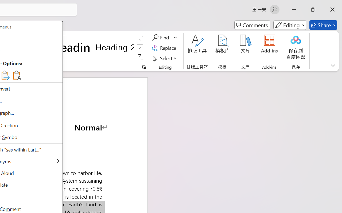 This screenshot has height=213, width=342. I want to click on 'Row up', so click(140, 40).